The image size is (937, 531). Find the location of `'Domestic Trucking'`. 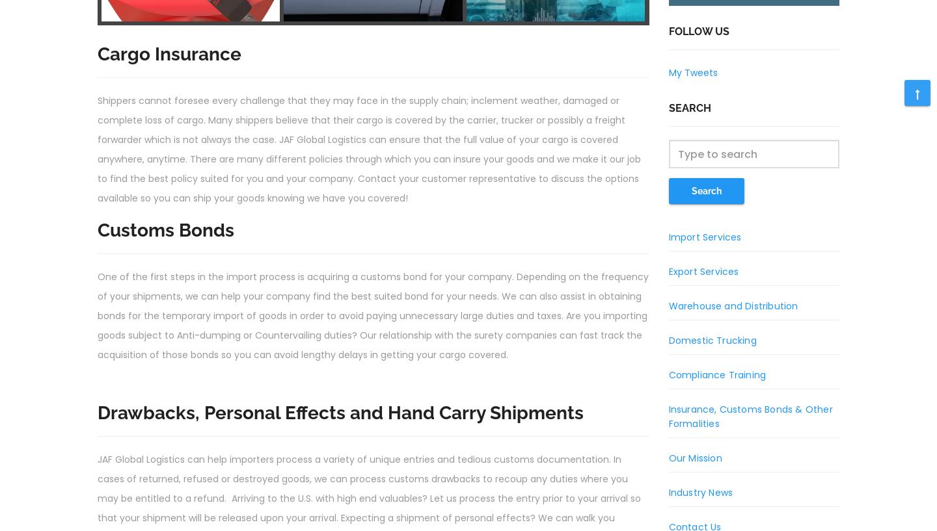

'Domestic Trucking' is located at coordinates (711, 340).